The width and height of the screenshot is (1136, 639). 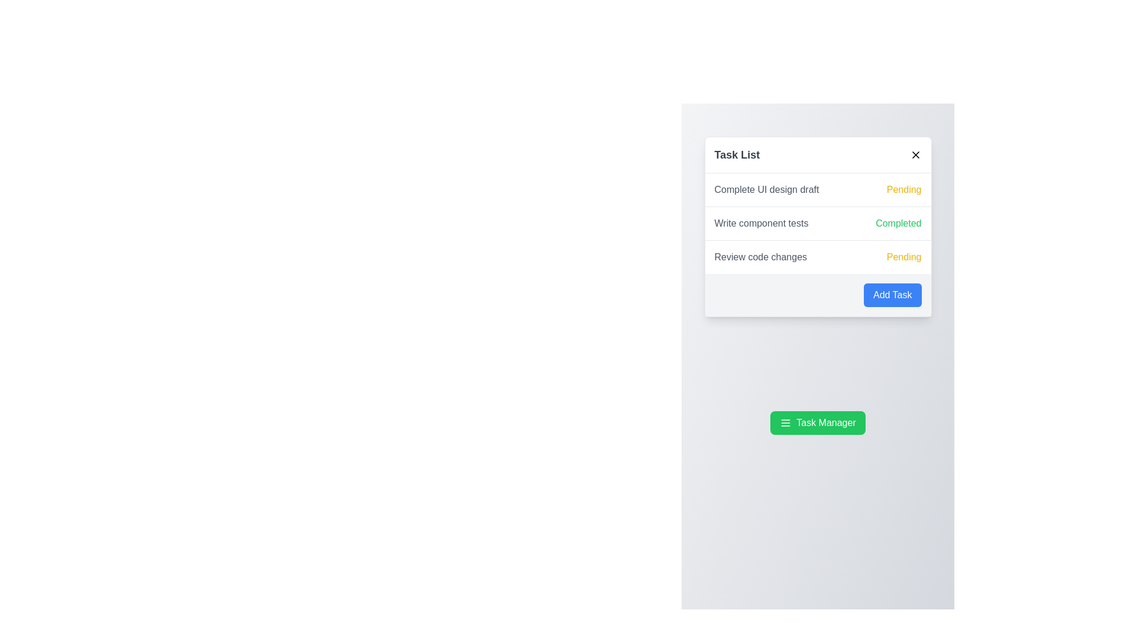 I want to click on details of the task titled 'Complete UI design draft' with a 'Pending' status in yellow from the task list component located in the central section of the 'Task List' pop-up panel, so click(x=817, y=224).